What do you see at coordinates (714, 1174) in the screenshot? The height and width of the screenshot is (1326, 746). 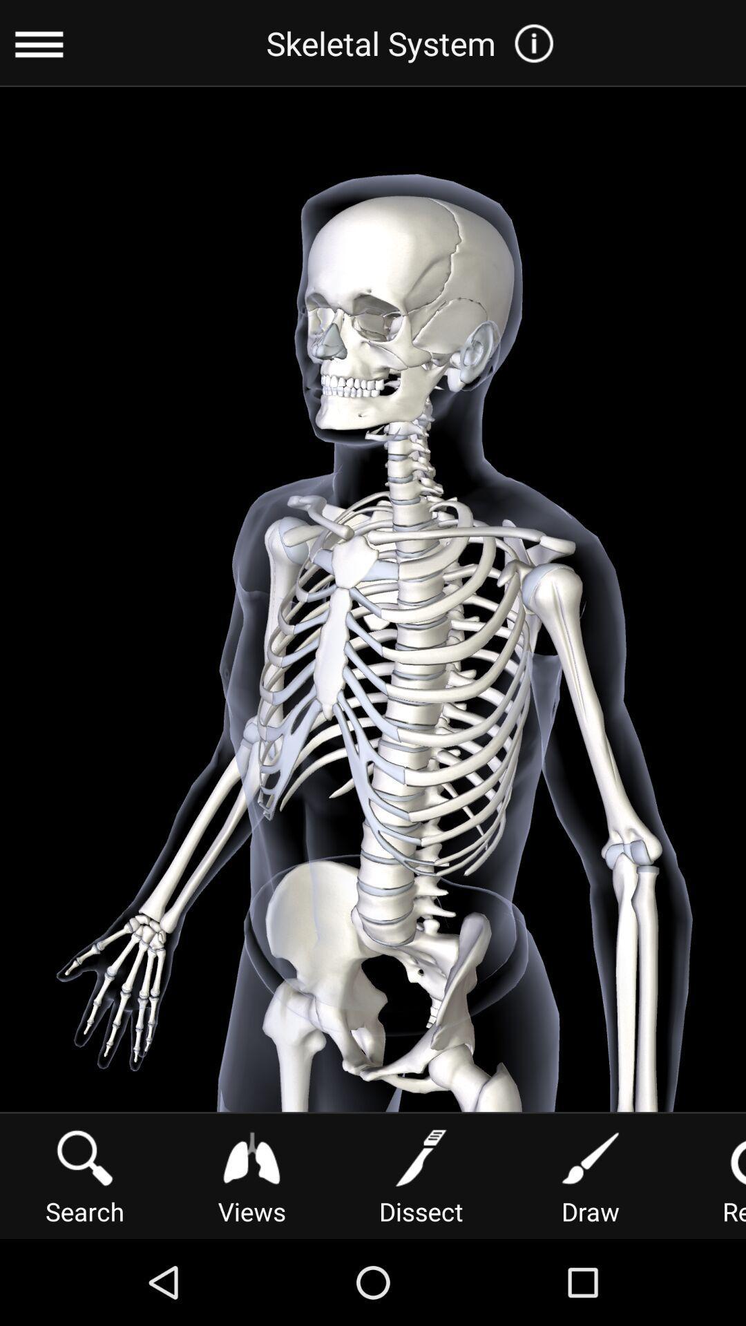 I see `reset icon` at bounding box center [714, 1174].